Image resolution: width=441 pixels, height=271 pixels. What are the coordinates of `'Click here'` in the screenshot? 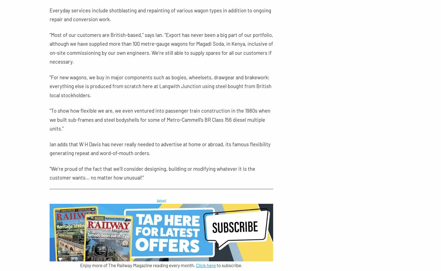 It's located at (206, 265).